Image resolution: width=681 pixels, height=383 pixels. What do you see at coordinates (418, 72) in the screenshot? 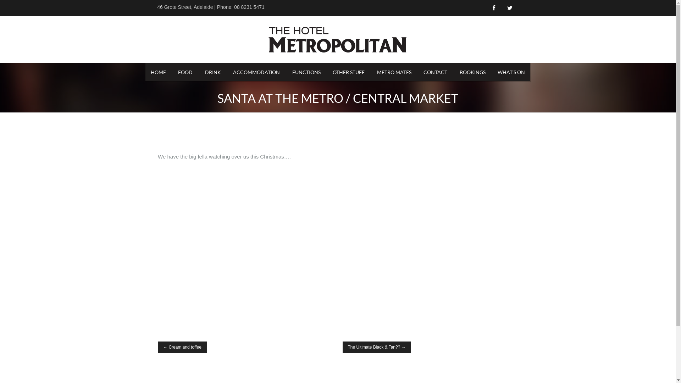
I see `'CONTACT'` at bounding box center [418, 72].